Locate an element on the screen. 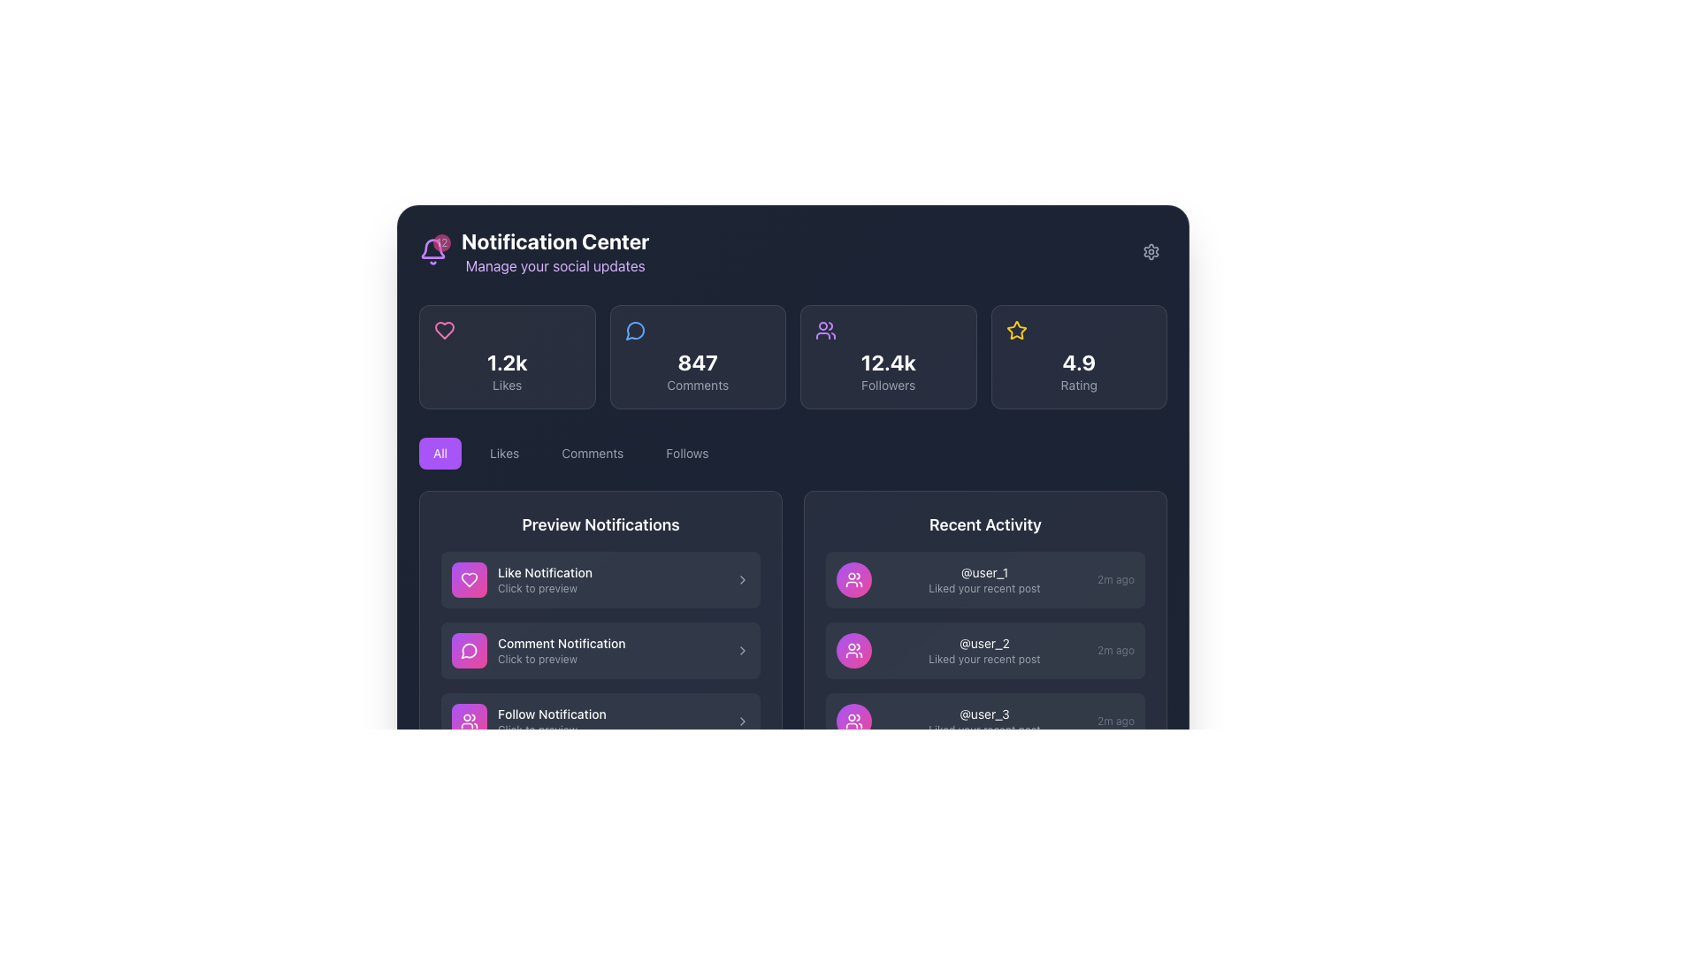 The width and height of the screenshot is (1698, 955). the text label that represents the number of comments is located at coordinates (697, 361).